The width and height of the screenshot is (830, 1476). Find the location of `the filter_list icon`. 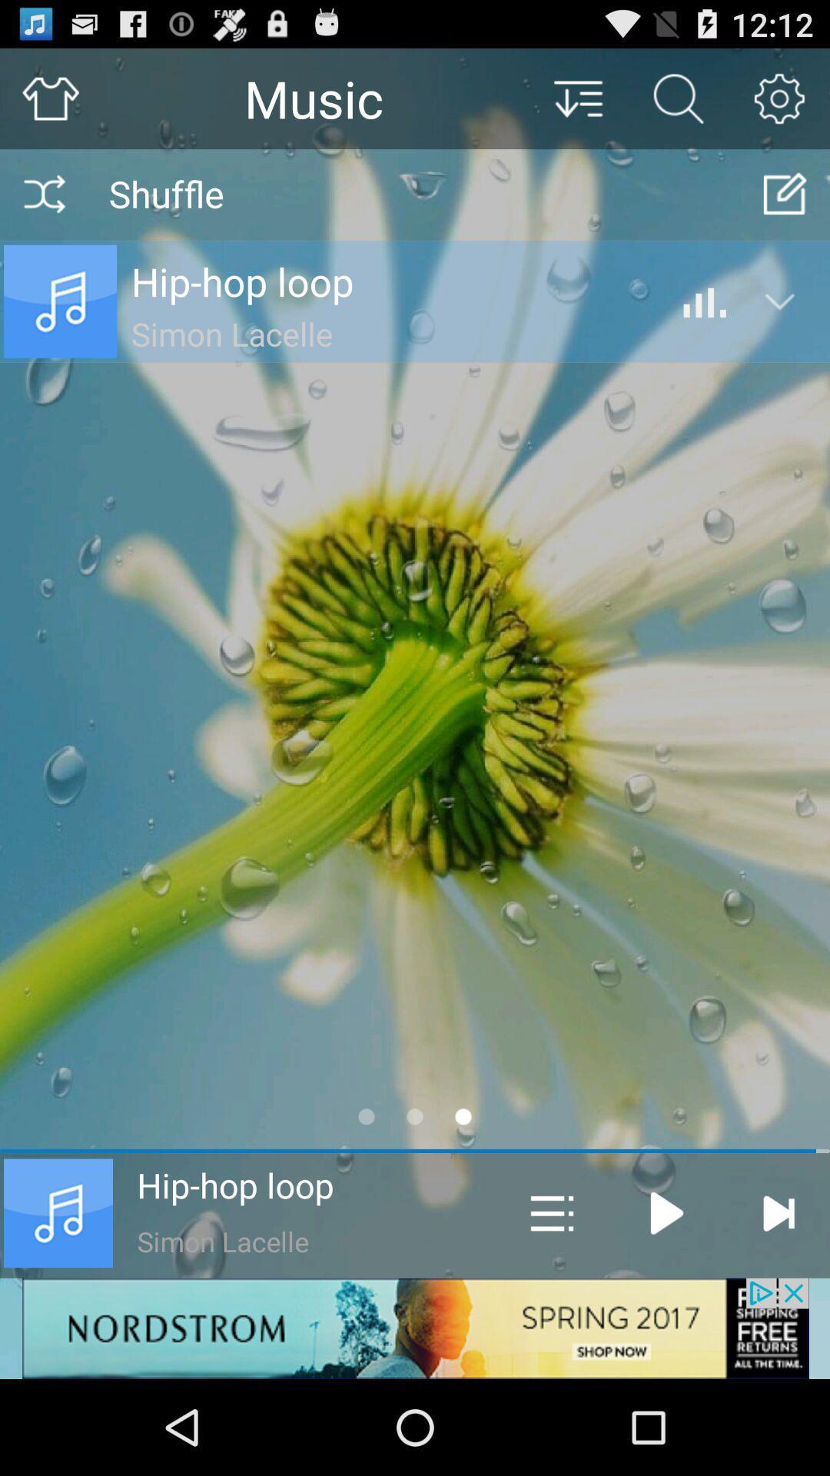

the filter_list icon is located at coordinates (577, 105).